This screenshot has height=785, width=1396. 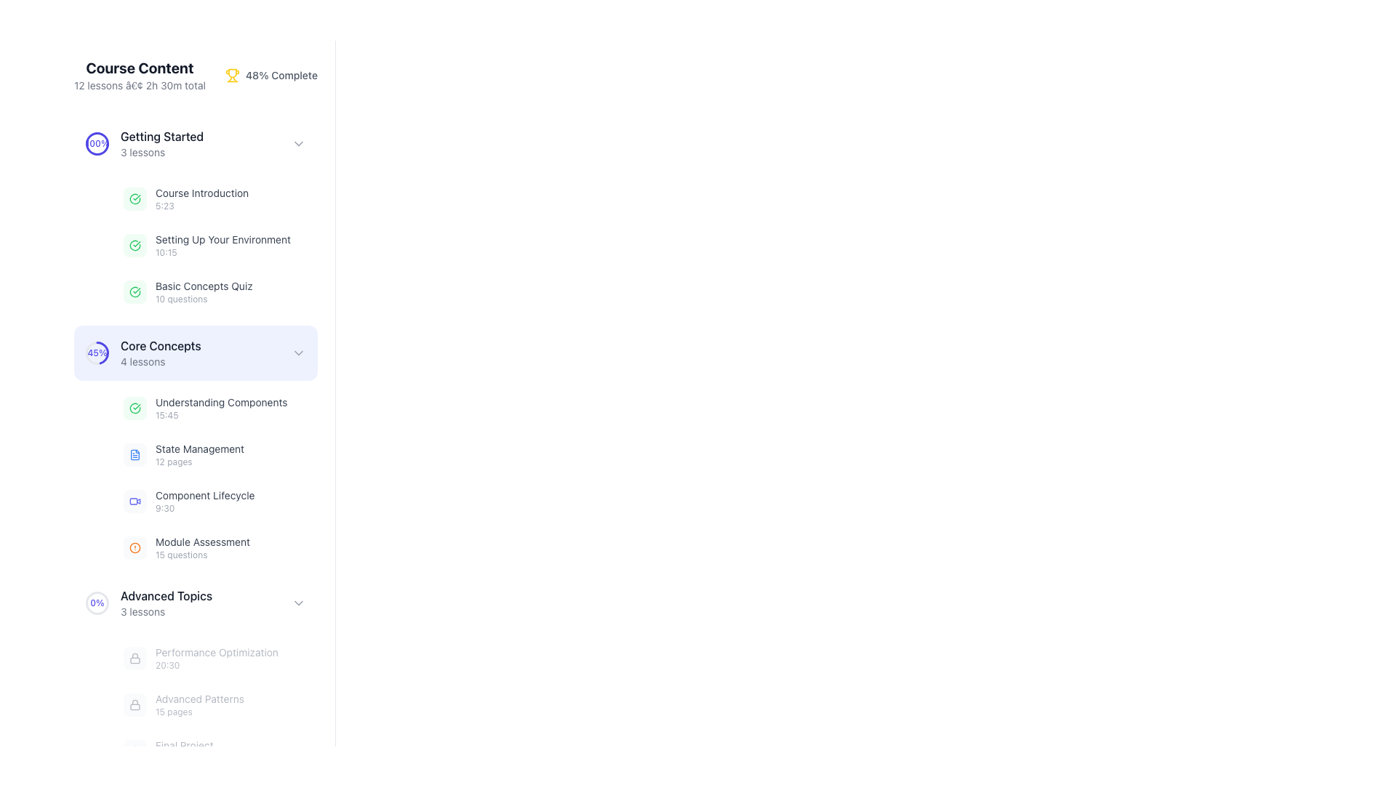 I want to click on the first list item under the 'Getting Started' section, which has a green circular icon with a checkmark and the text 'Course Introduction', so click(x=185, y=198).